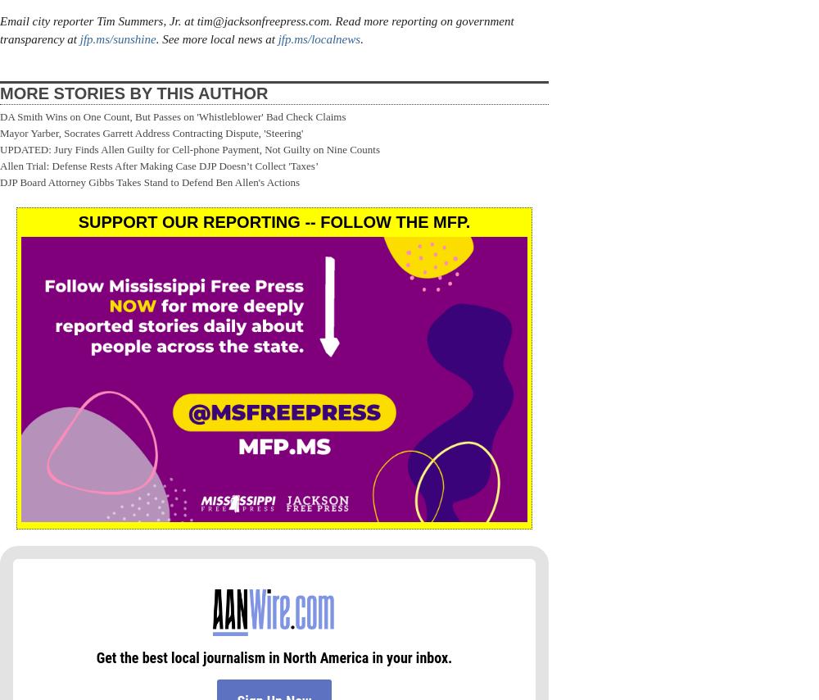  Describe the element at coordinates (262, 20) in the screenshot. I see `'tim@jacksonfreepress.com'` at that location.